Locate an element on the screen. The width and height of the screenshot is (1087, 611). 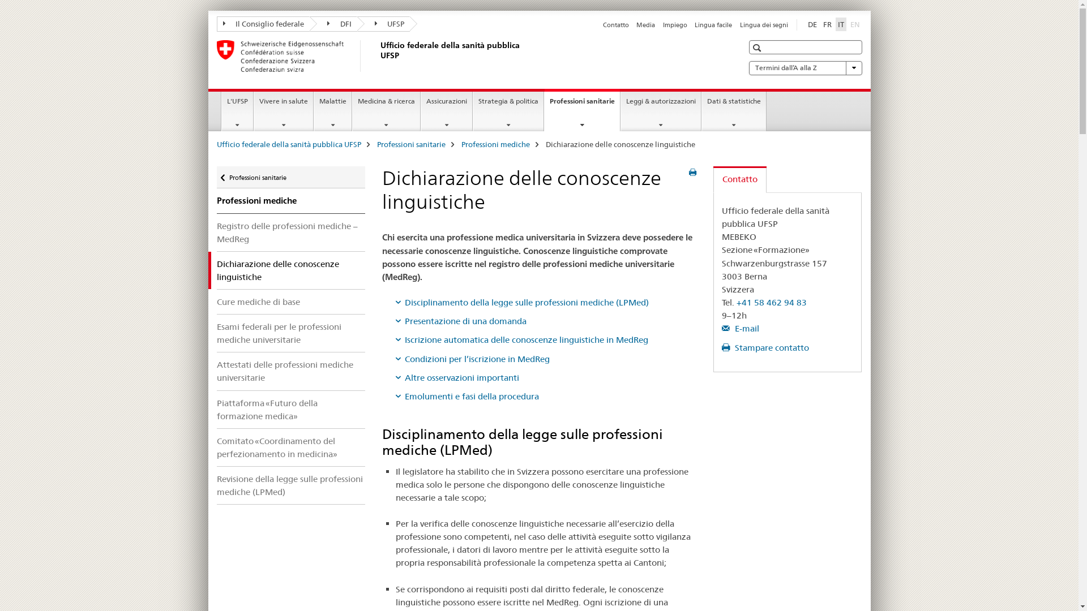
'Professioni sanitarie' is located at coordinates (410, 143).